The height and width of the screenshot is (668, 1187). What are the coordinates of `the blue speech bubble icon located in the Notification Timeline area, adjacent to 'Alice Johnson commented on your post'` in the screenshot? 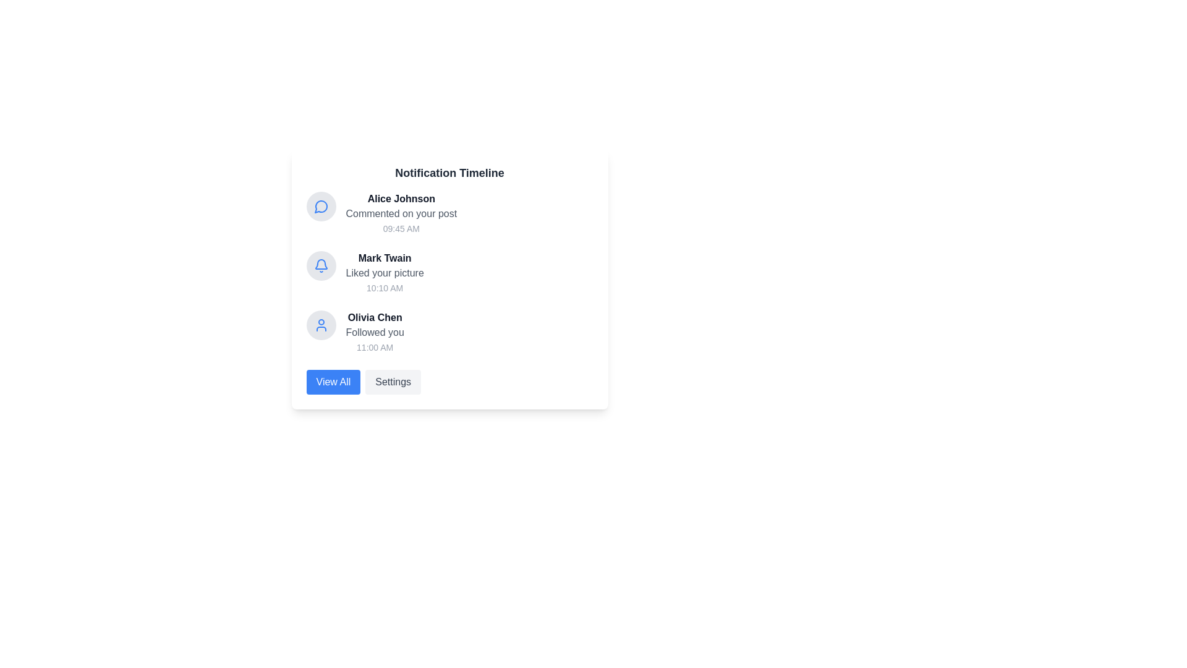 It's located at (320, 206).